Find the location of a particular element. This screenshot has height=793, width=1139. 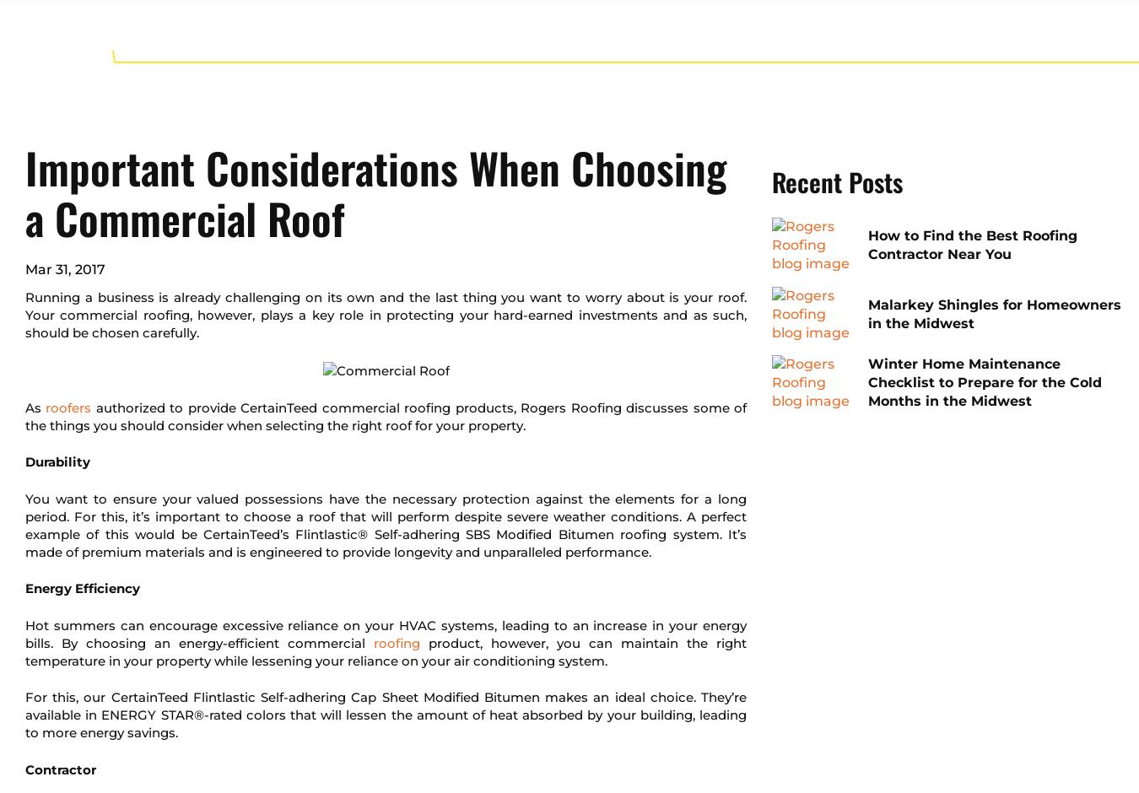

'Running a business is already challenging on its own and the last thing you want to worry about is your roof. Your commercial roofing, however, plays a key role in protecting your hard-earned investments and as such, should be chosen carefully.' is located at coordinates (385, 314).